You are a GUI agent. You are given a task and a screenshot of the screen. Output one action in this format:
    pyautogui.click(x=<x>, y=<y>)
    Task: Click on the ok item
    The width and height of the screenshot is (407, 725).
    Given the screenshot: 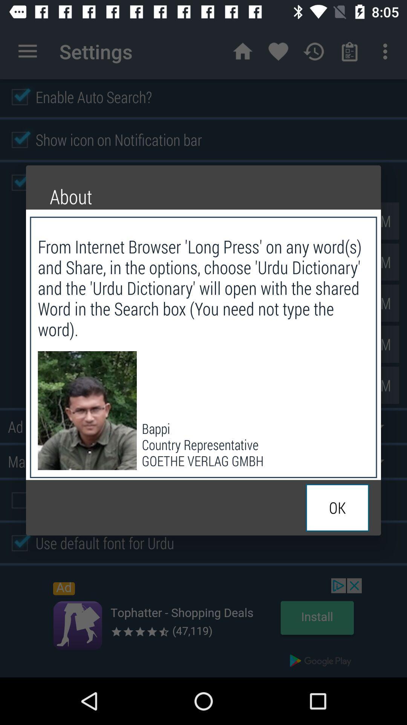 What is the action you would take?
    pyautogui.click(x=337, y=507)
    